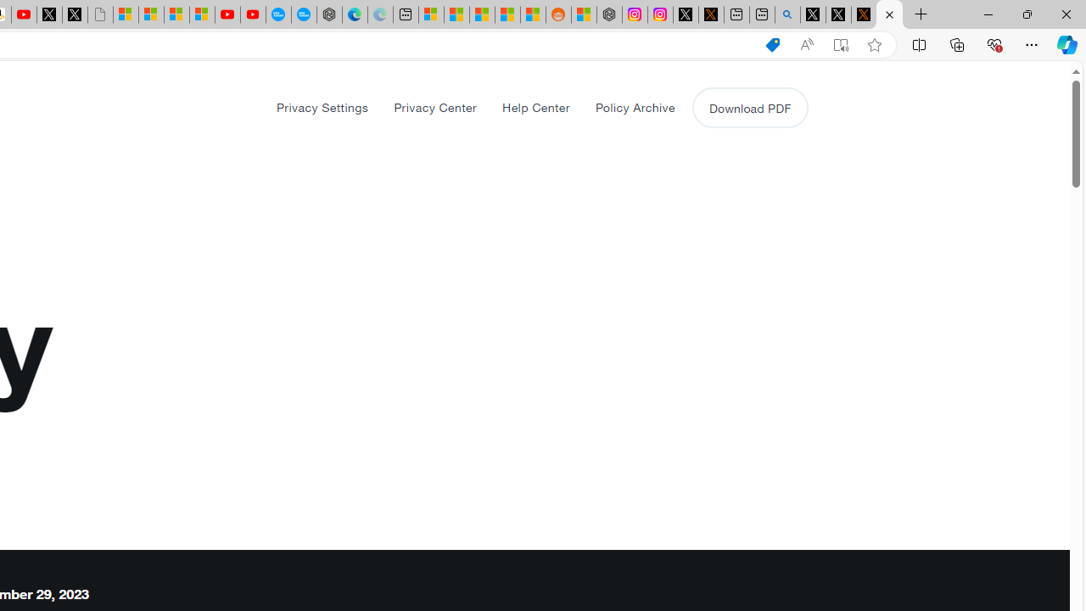 The image size is (1086, 611). What do you see at coordinates (806, 44) in the screenshot?
I see `'Read aloud this page (Ctrl+Shift+U)'` at bounding box center [806, 44].